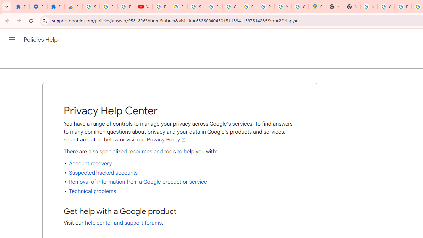  I want to click on 'Suspected hacked accounts', so click(103, 172).